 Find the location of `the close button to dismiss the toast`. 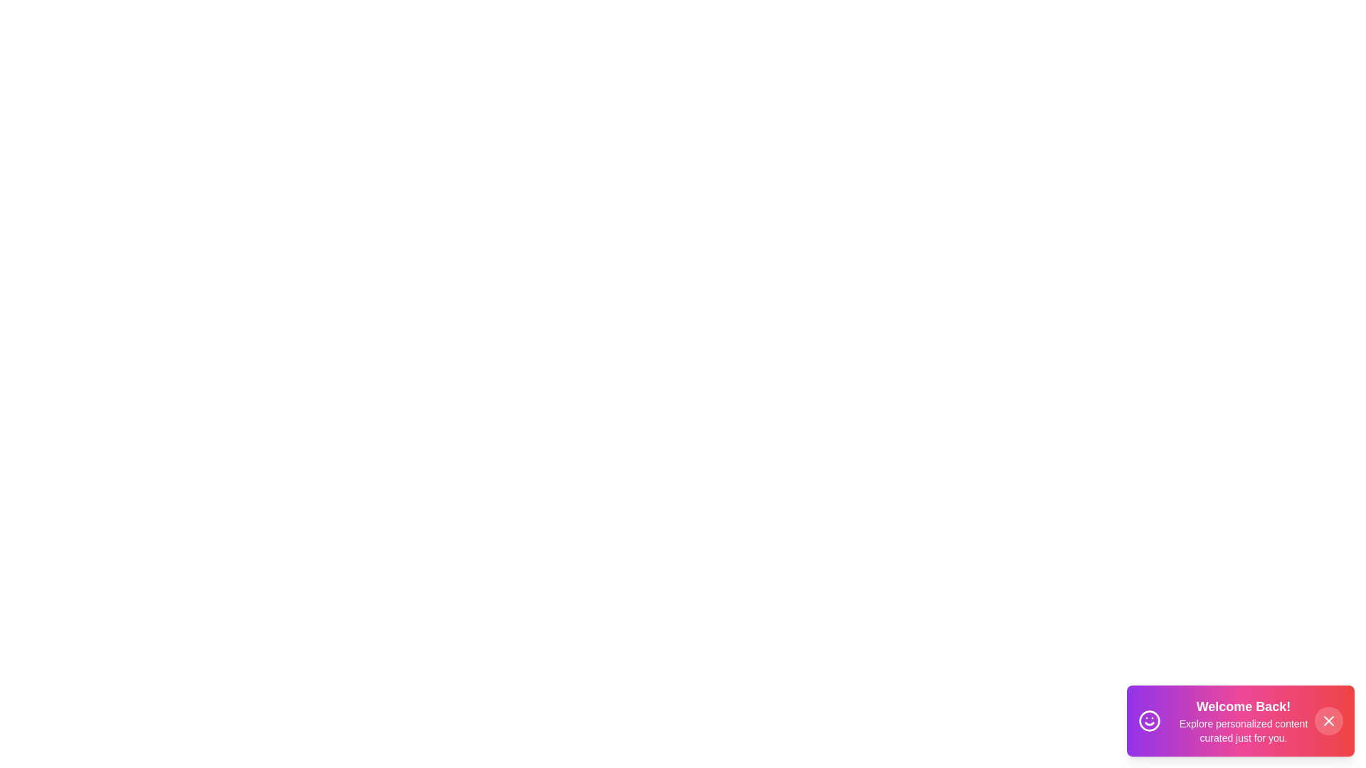

the close button to dismiss the toast is located at coordinates (1328, 721).